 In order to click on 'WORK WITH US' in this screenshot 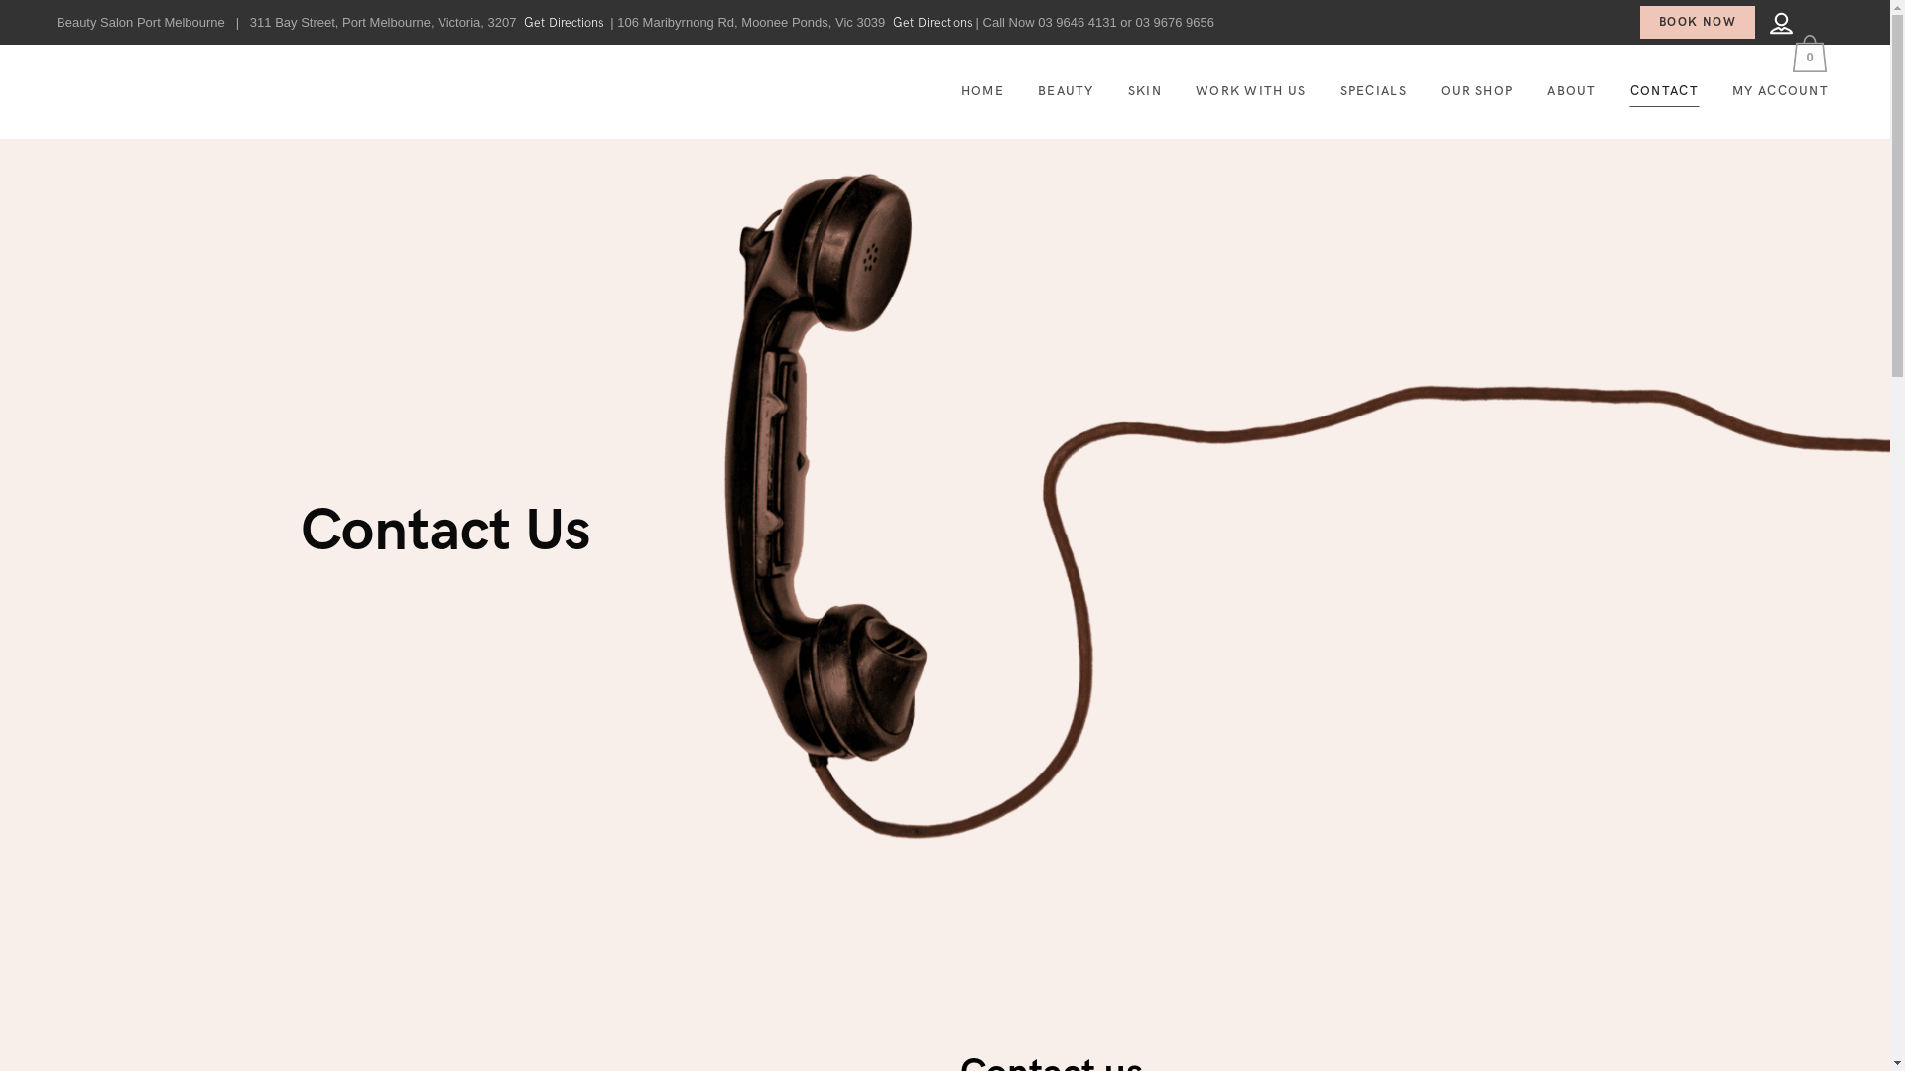, I will do `click(1250, 91)`.